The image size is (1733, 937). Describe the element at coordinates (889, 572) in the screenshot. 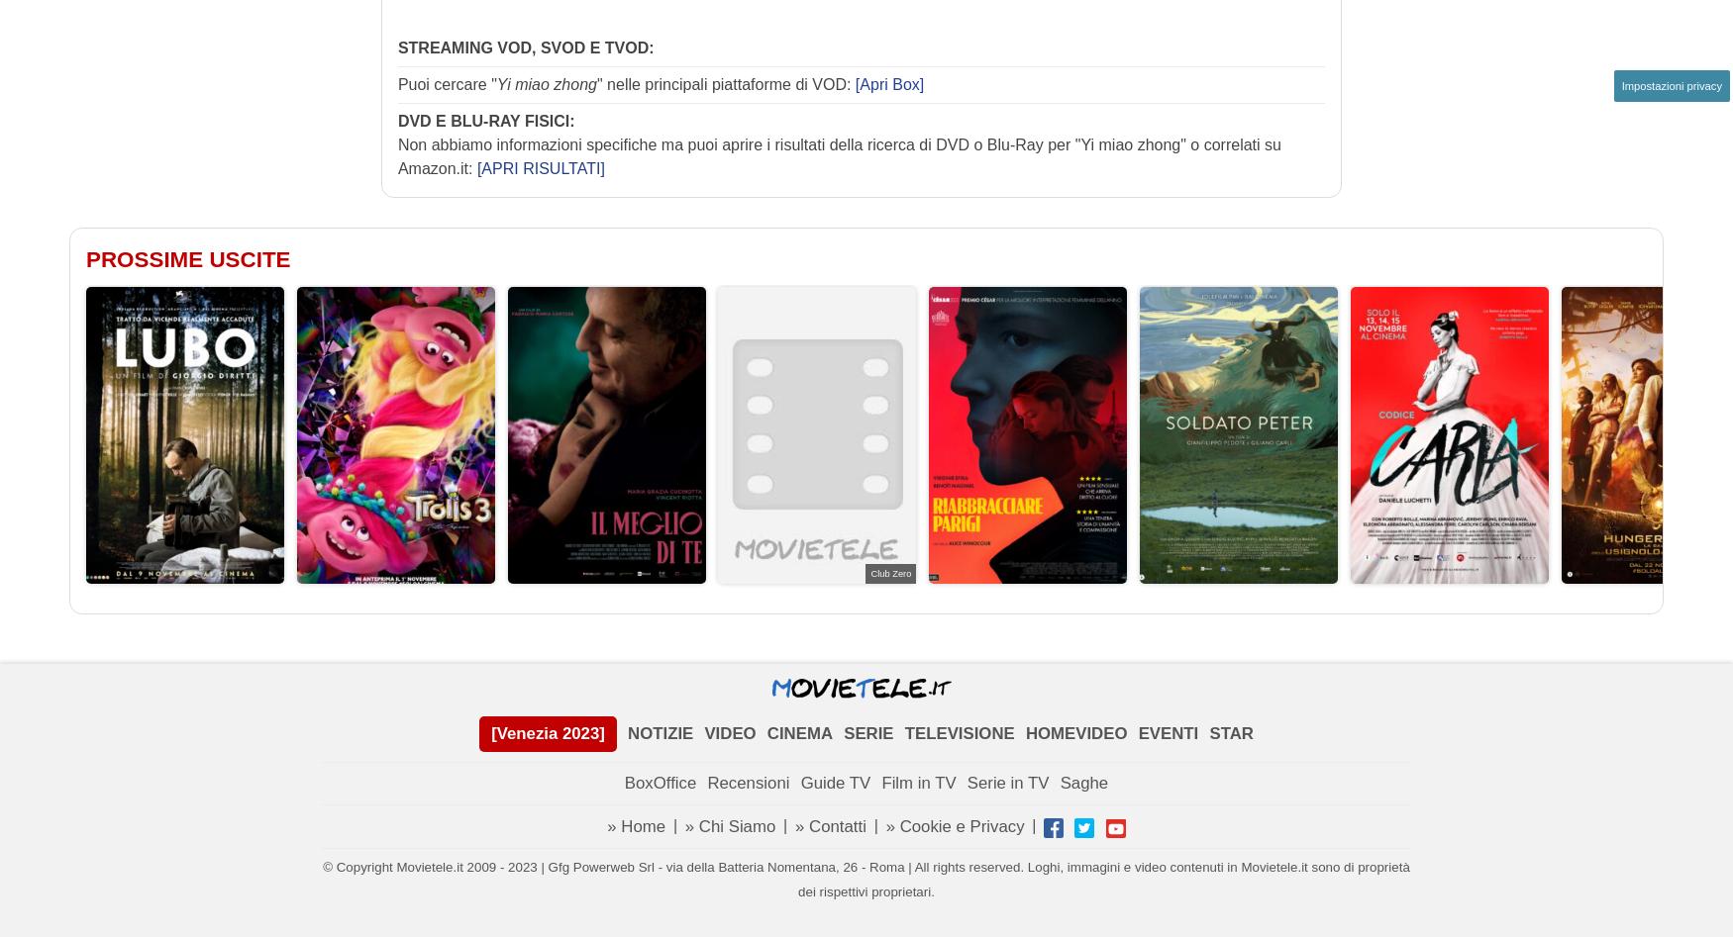

I see `'Club Zero'` at that location.